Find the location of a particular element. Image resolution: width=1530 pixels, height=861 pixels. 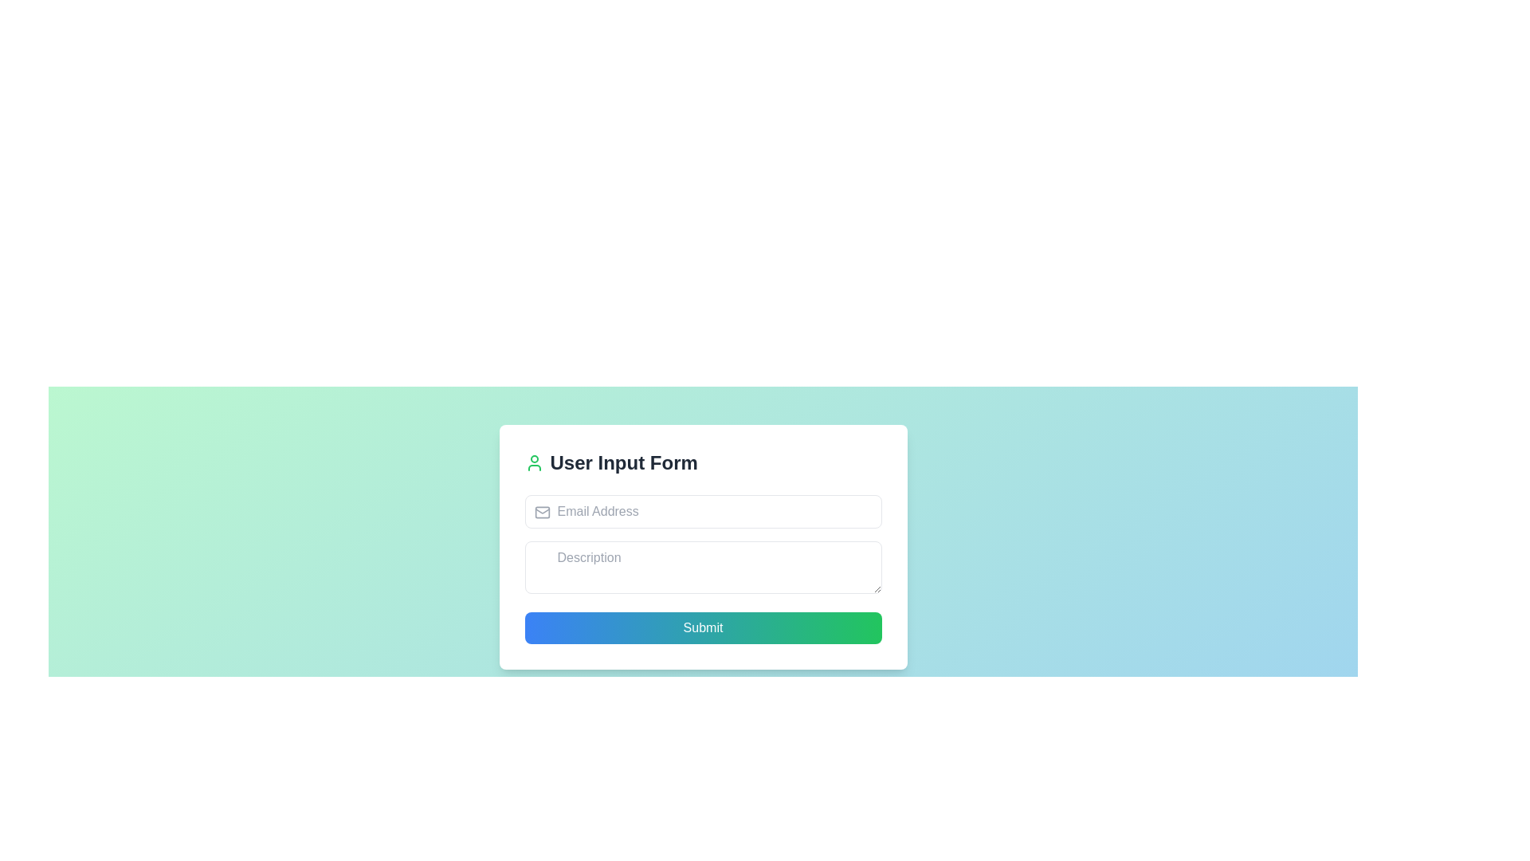

the user profile icon, which is a minimalist green circular head is located at coordinates (534, 463).